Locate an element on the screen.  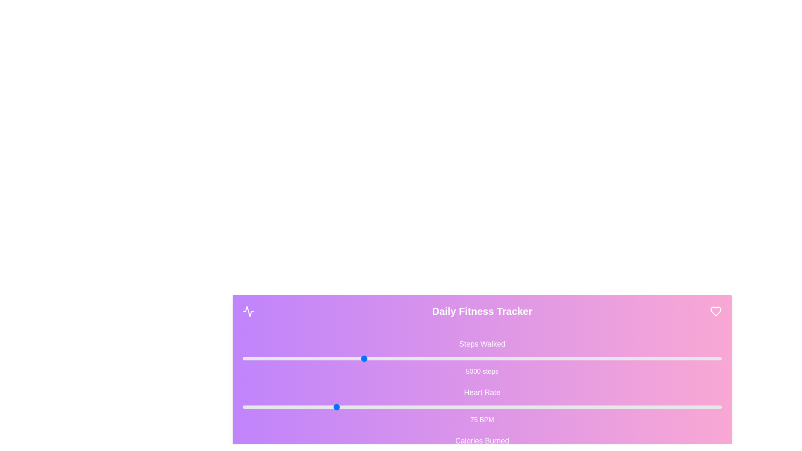
the 'Heart Rate' slider to 147 BPM is located at coordinates (599, 407).